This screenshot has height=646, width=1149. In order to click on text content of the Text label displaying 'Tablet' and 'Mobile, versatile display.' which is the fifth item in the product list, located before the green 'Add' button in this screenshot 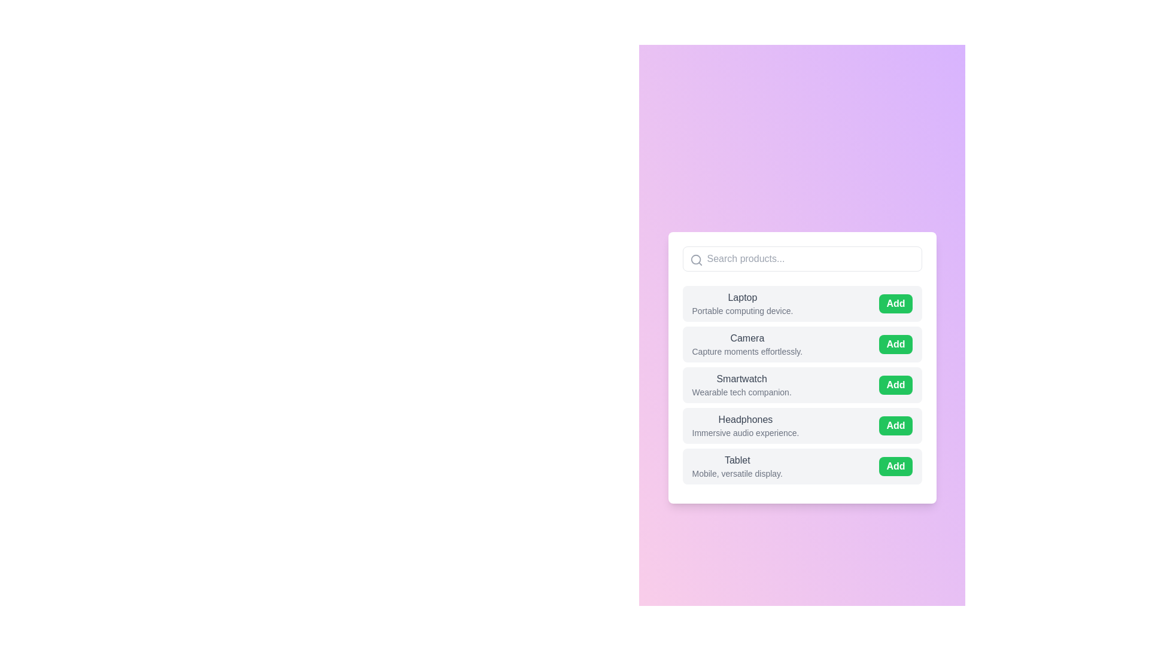, I will do `click(737, 465)`.